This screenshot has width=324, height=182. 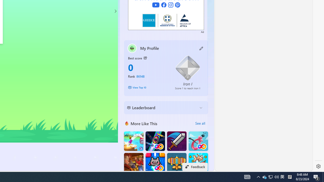 What do you see at coordinates (134, 163) in the screenshot?
I see `'Saloon Robbery'` at bounding box center [134, 163].